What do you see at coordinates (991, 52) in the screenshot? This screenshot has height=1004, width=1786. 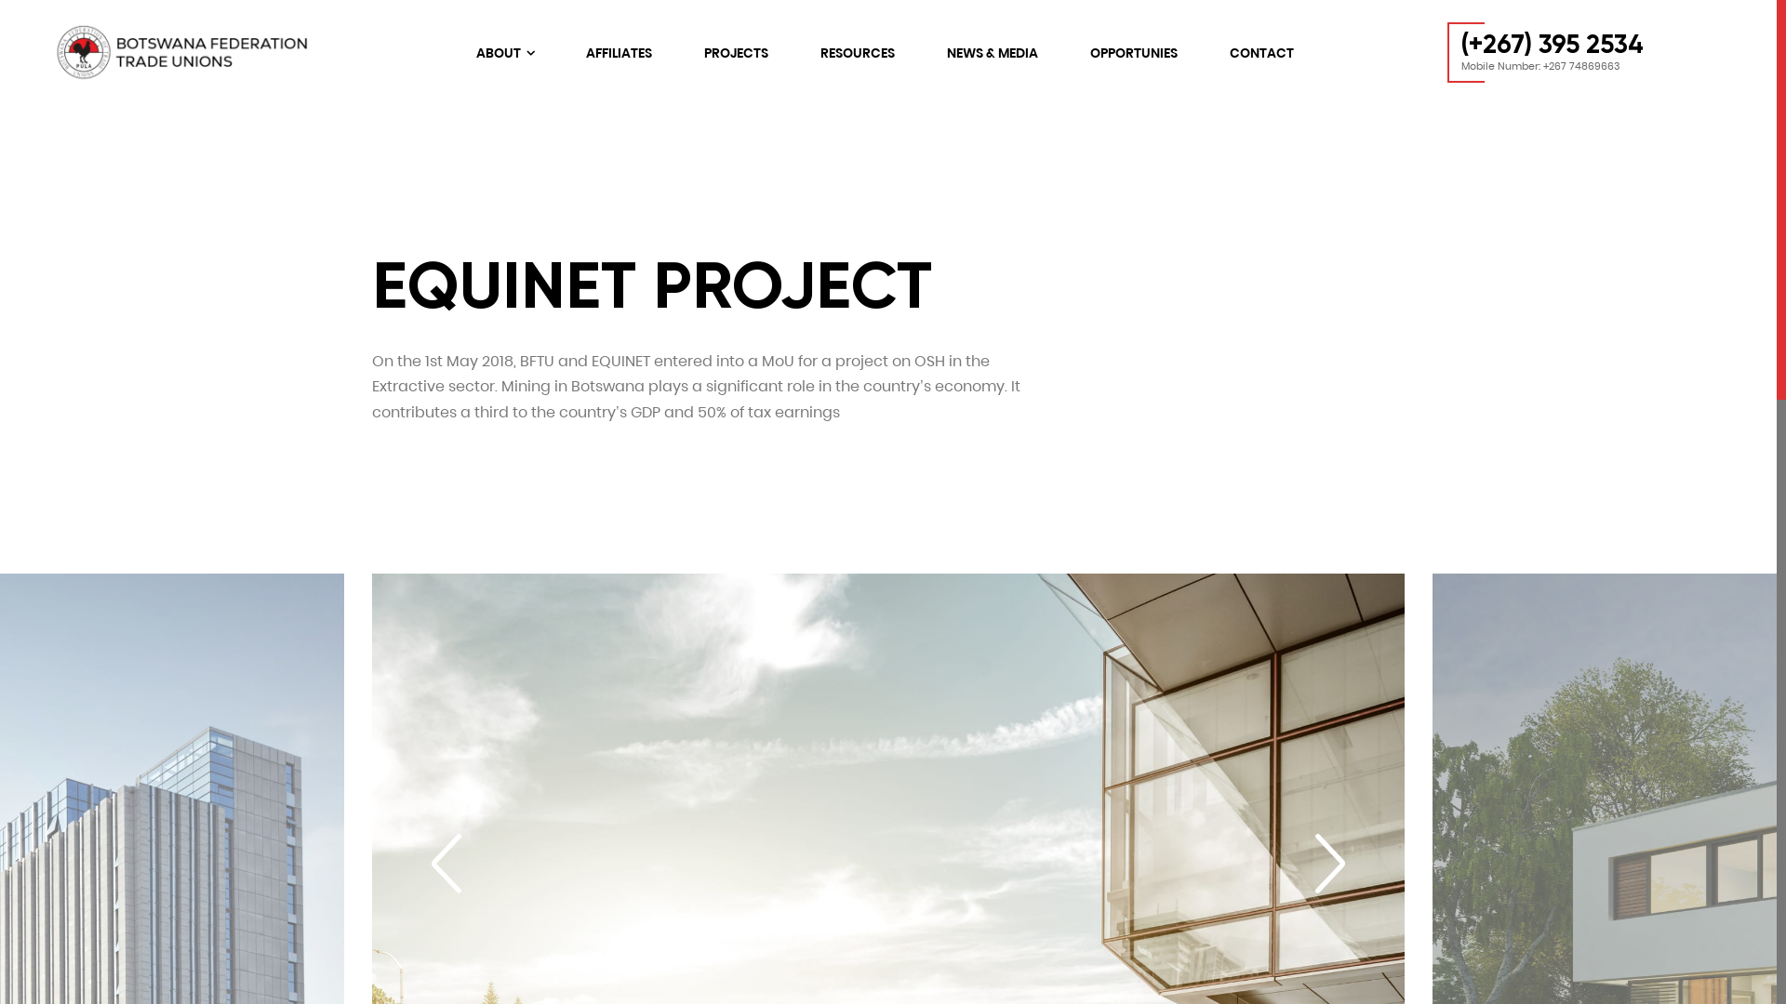 I see `'NEWS & MEDIA'` at bounding box center [991, 52].